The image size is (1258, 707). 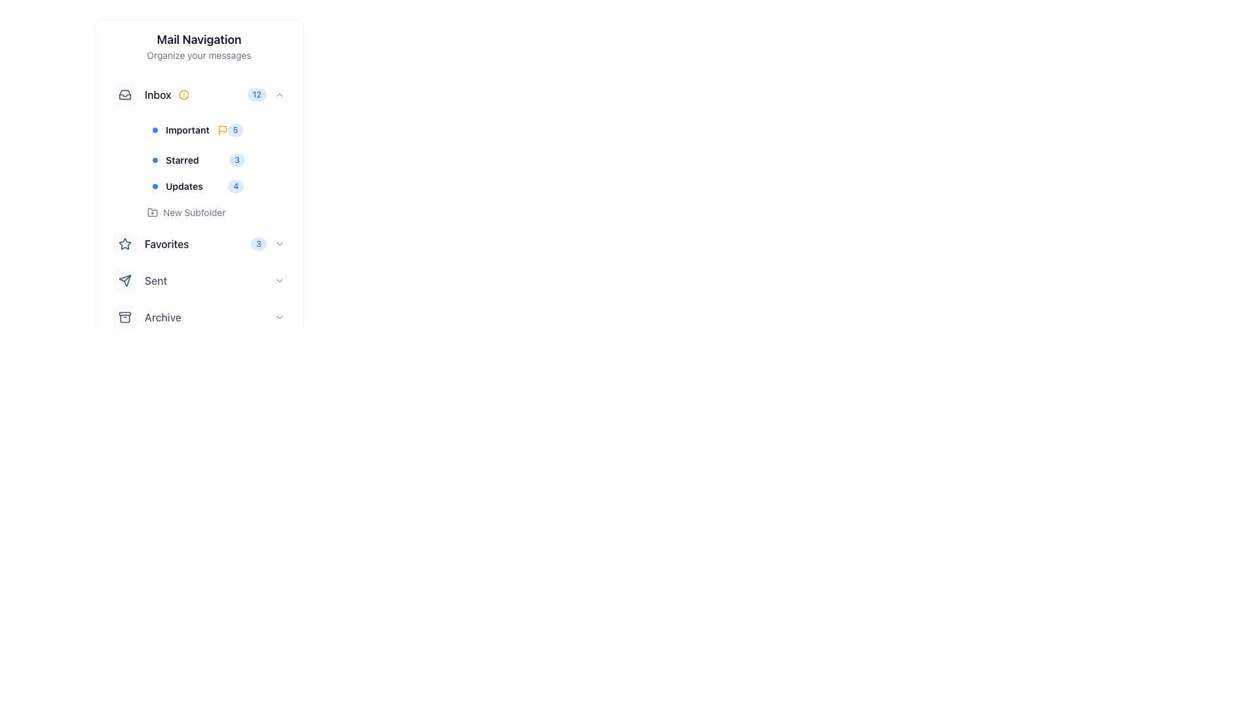 What do you see at coordinates (198, 317) in the screenshot?
I see `the button that toggles the visibility of the 'Archive' section, located sixth in the vertical navigation menu, between the 'Sent' and 'Trash' buttons` at bounding box center [198, 317].